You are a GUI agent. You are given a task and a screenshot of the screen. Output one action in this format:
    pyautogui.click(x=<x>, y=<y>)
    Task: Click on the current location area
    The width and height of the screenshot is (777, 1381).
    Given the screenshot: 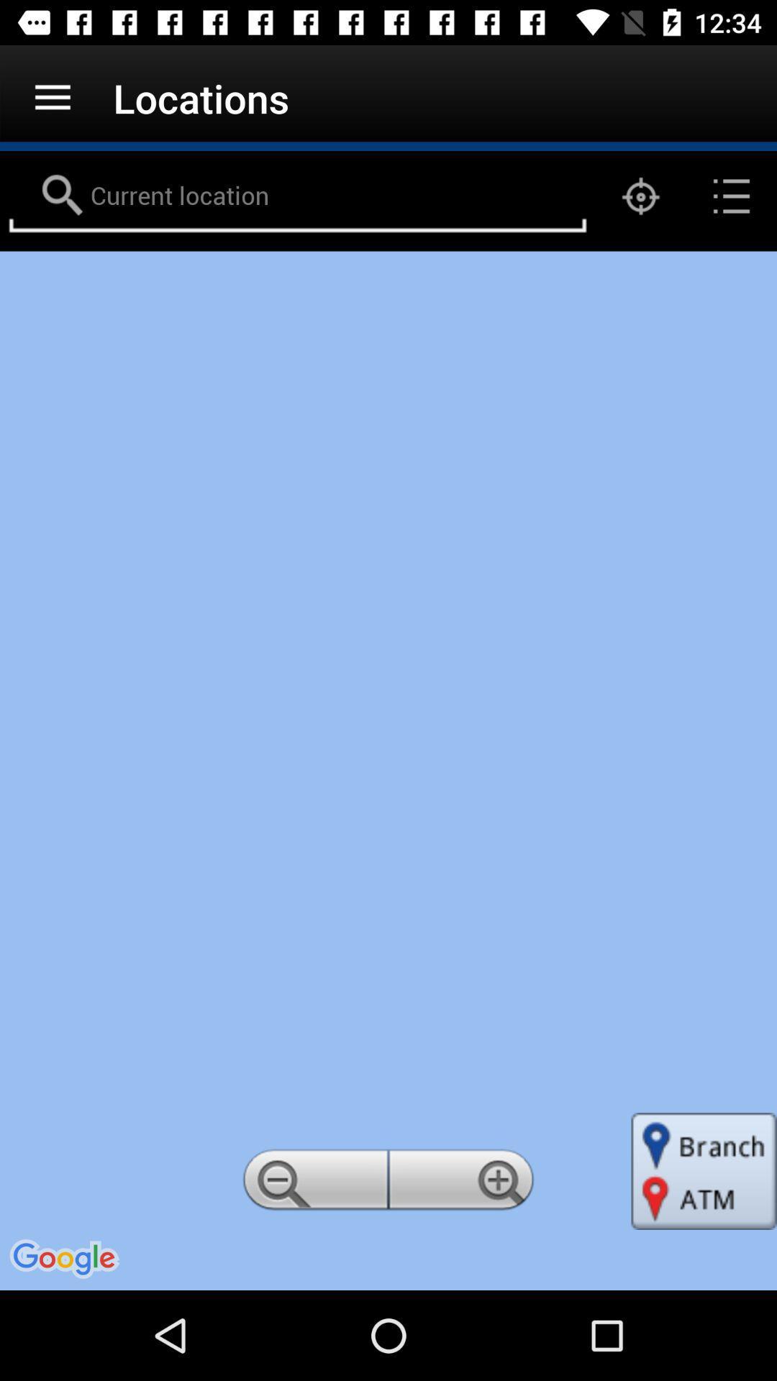 What is the action you would take?
    pyautogui.click(x=296, y=196)
    